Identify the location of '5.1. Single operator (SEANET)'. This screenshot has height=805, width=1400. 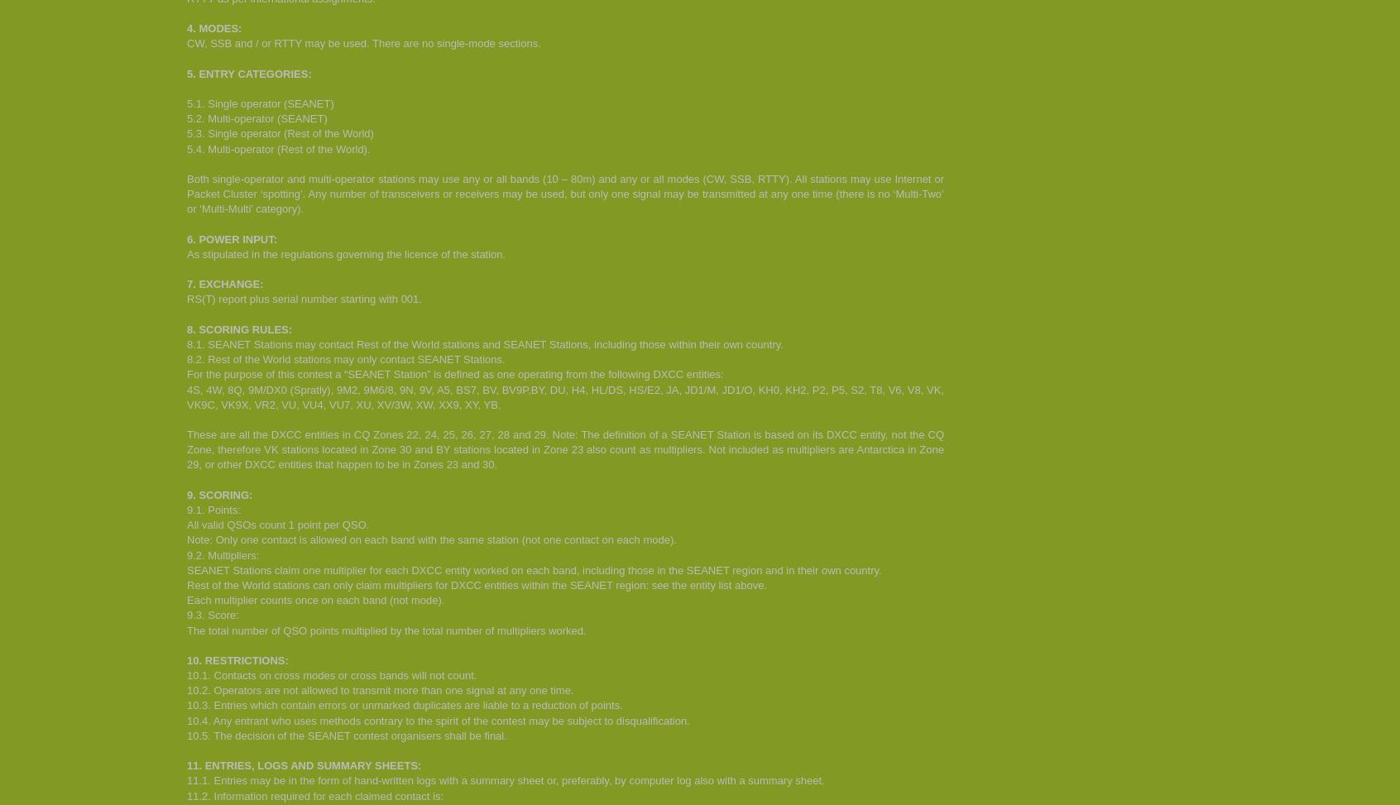
(187, 102).